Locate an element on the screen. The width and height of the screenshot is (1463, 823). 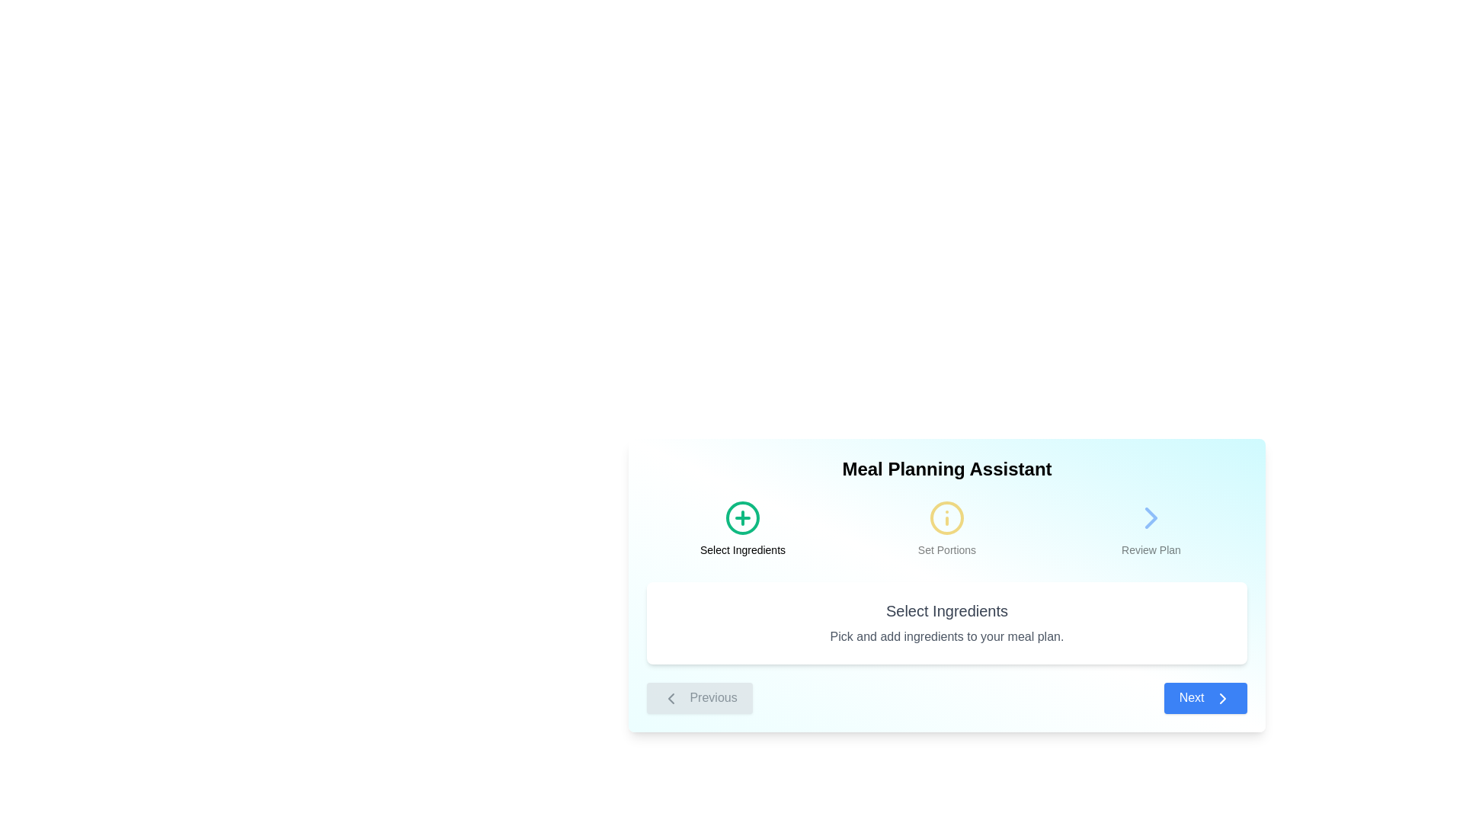
the blue chevron icon pointing to the right in the 'Review Plan' section, which is the third item in a triplet layout is located at coordinates (1151, 517).